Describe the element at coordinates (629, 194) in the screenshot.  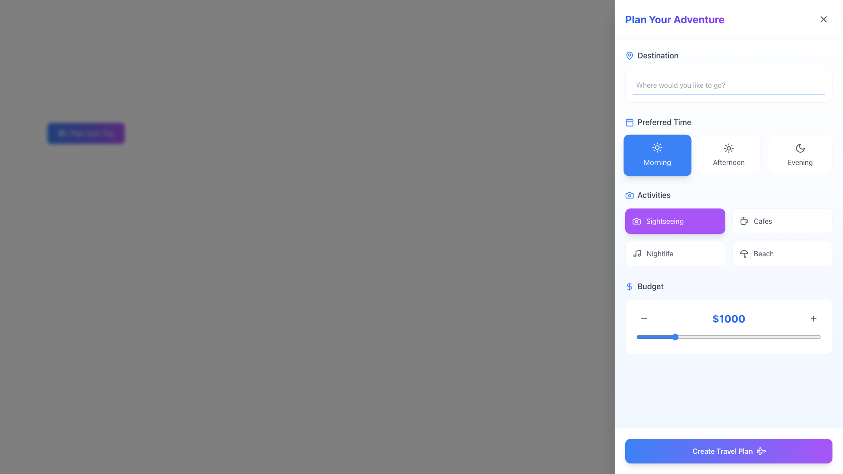
I see `the visual icon located to the left of the 'Activities' text in the 'Activities' section` at that location.